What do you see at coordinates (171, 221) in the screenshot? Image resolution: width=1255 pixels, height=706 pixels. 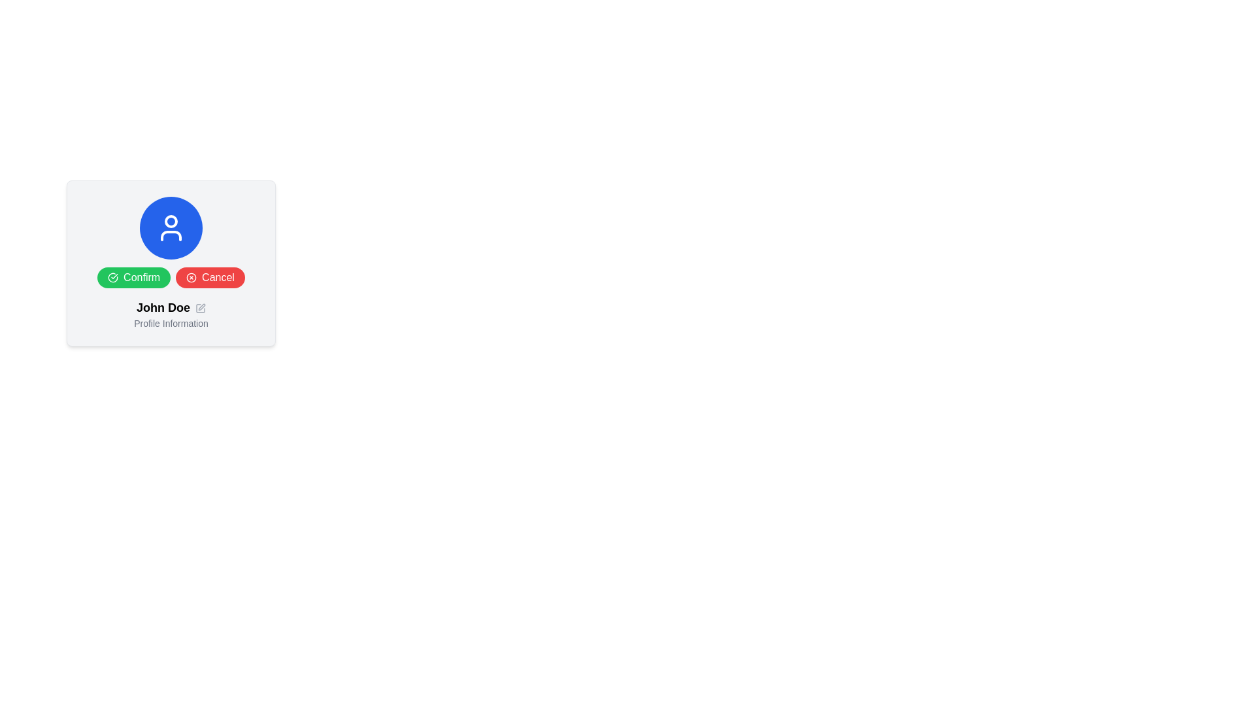 I see `the small circular graphical detail located at the top of the blue user avatar icon, which is centered horizontally above the base of the avatar` at bounding box center [171, 221].